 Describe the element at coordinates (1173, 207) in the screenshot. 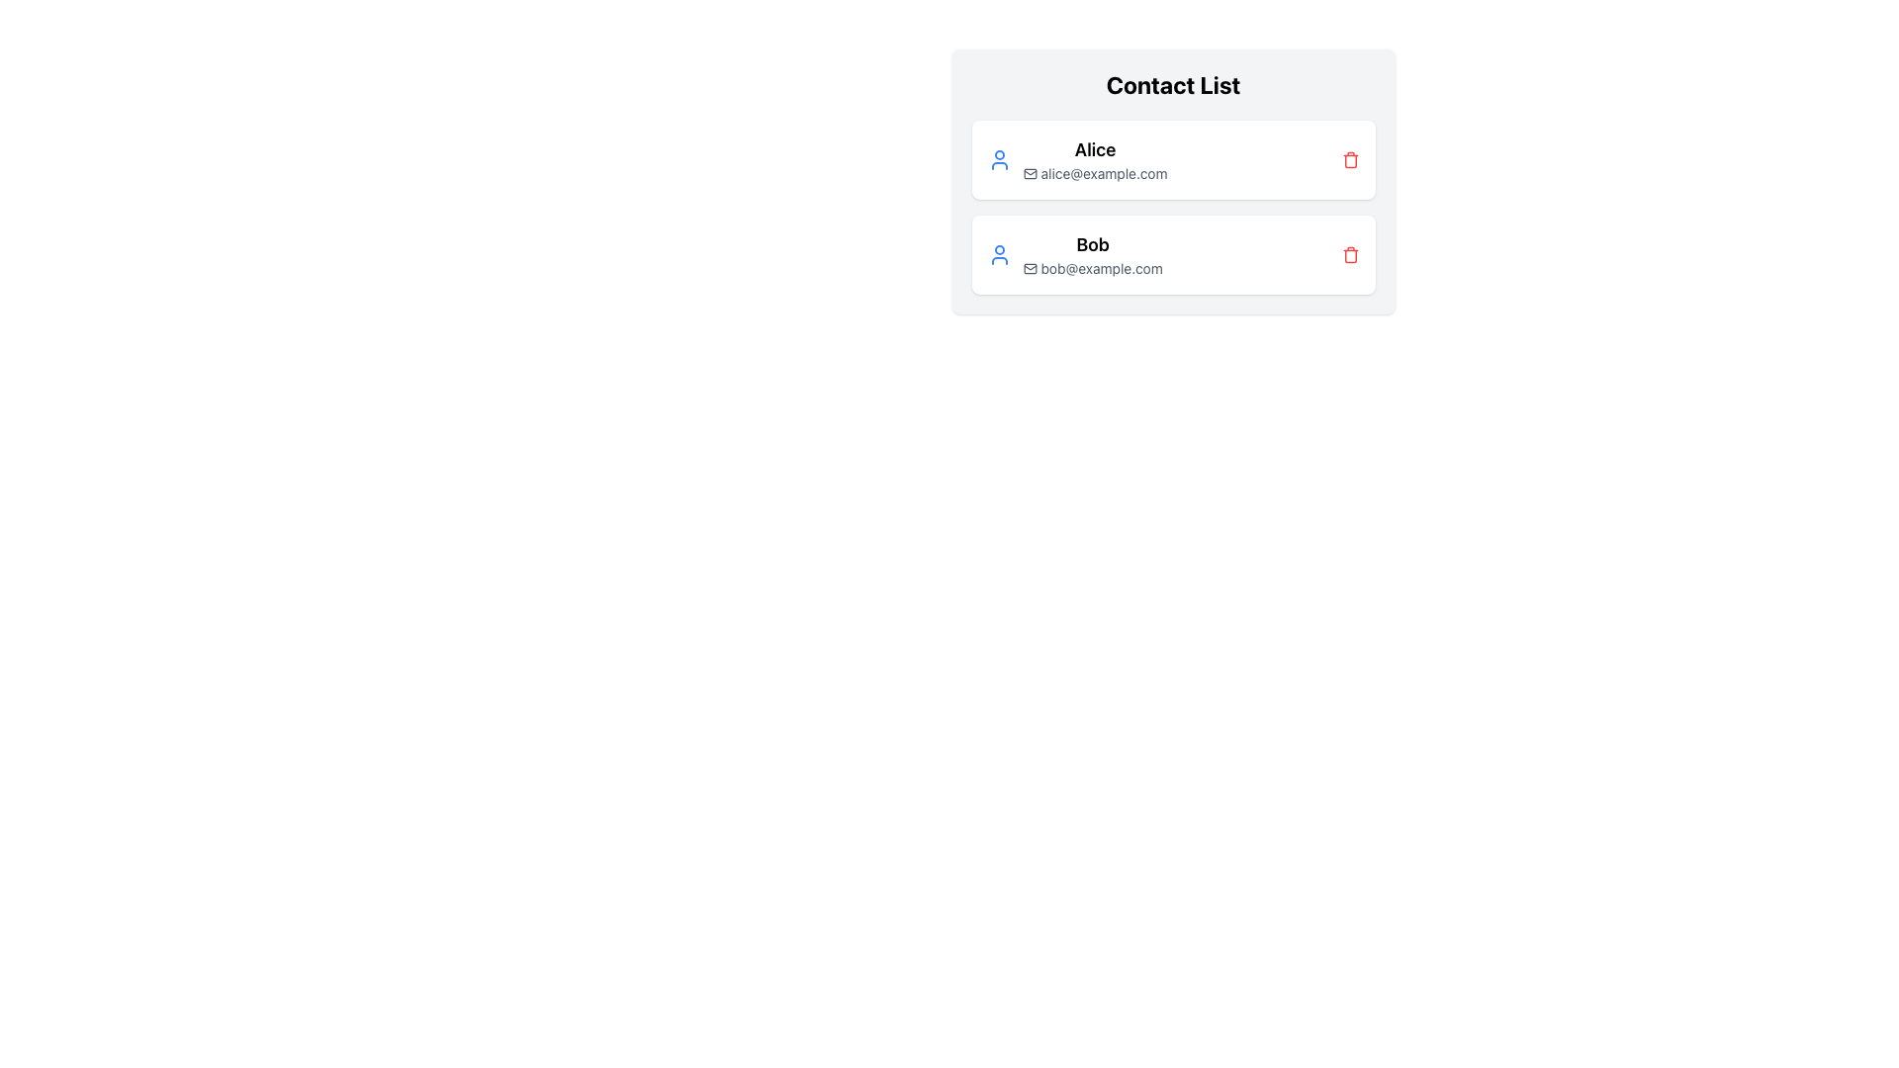

I see `the vertical listing of contact entries in the 'Contact List' section, which features white rectangular cards with rounded corners, displaying avatars, names in bold, and email addresses` at that location.